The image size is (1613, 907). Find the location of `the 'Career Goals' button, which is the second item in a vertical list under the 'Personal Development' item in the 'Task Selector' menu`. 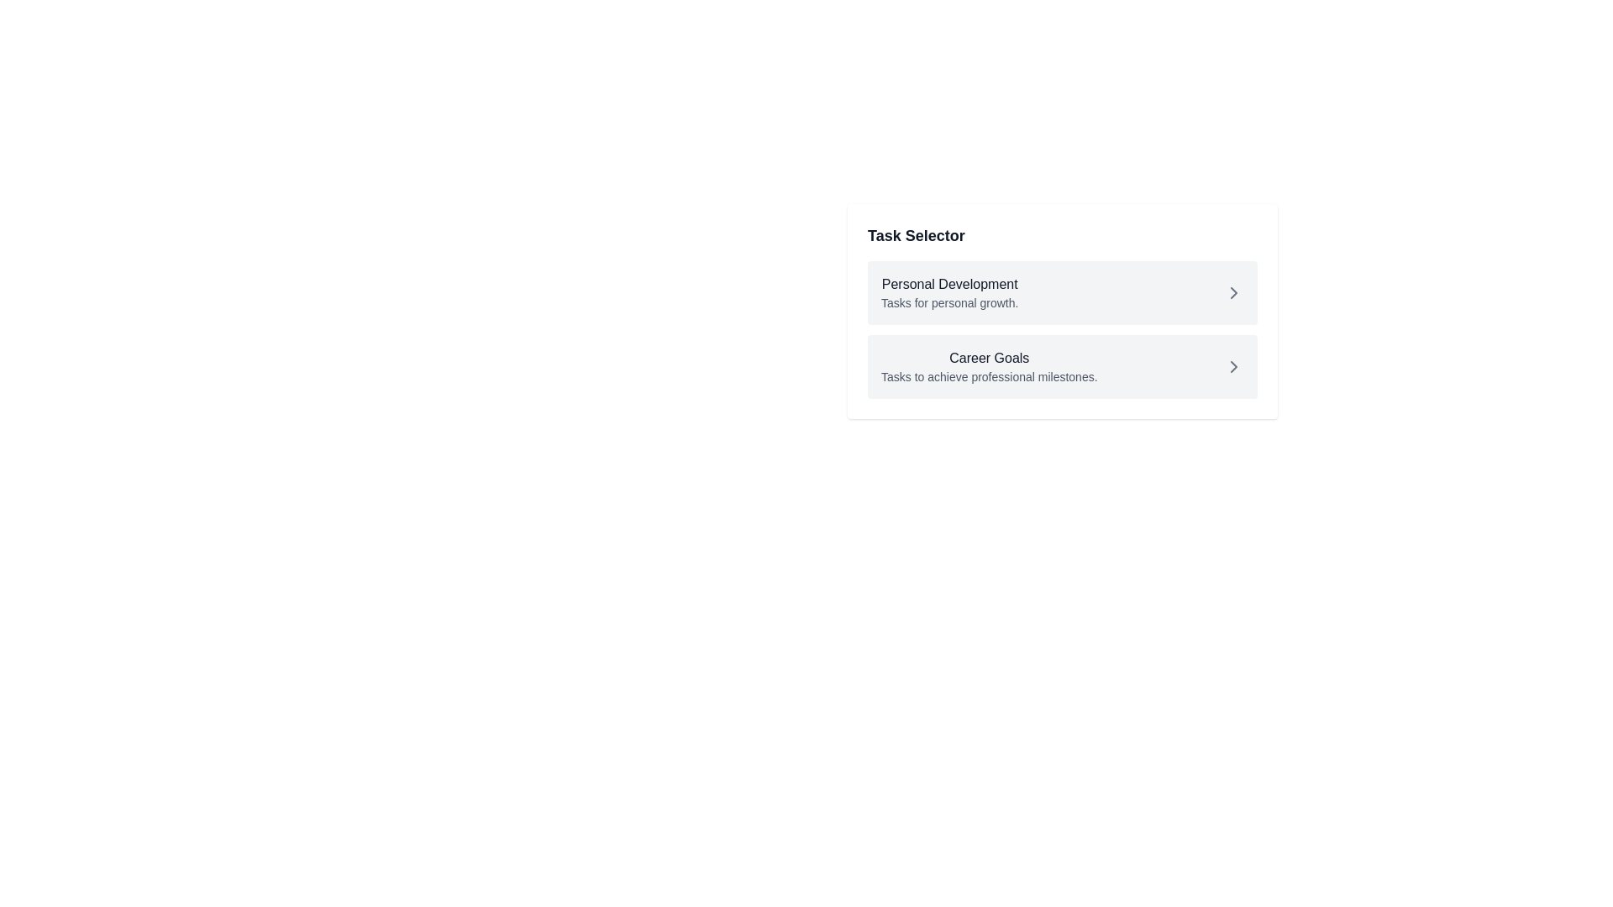

the 'Career Goals' button, which is the second item in a vertical list under the 'Personal Development' item in the 'Task Selector' menu is located at coordinates (1062, 365).